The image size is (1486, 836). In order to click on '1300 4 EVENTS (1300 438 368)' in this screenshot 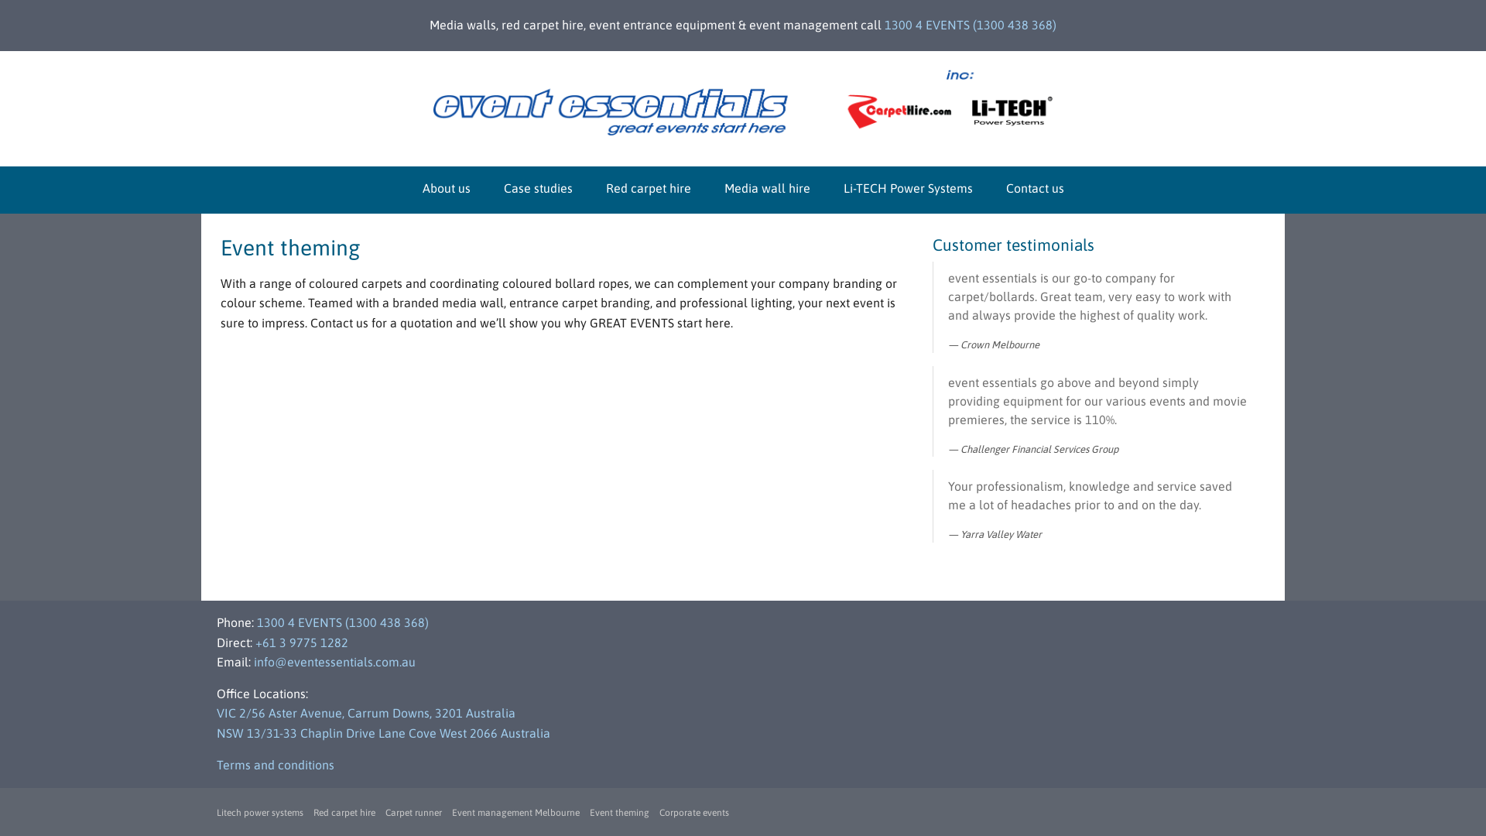, I will do `click(969, 24)`.